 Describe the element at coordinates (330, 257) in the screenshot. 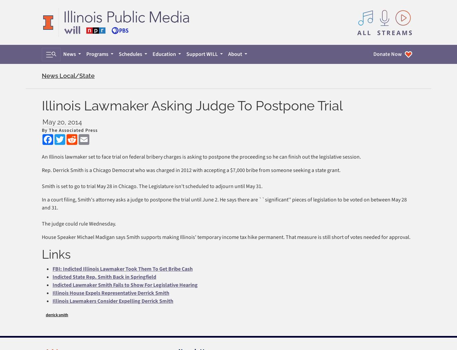

I see `'Research'` at that location.